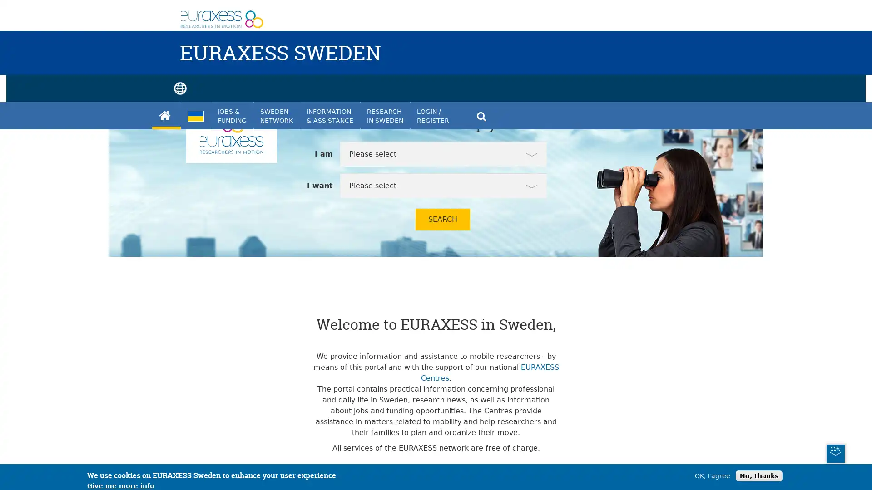 The width and height of the screenshot is (872, 490). What do you see at coordinates (759, 475) in the screenshot?
I see `No, thanks` at bounding box center [759, 475].